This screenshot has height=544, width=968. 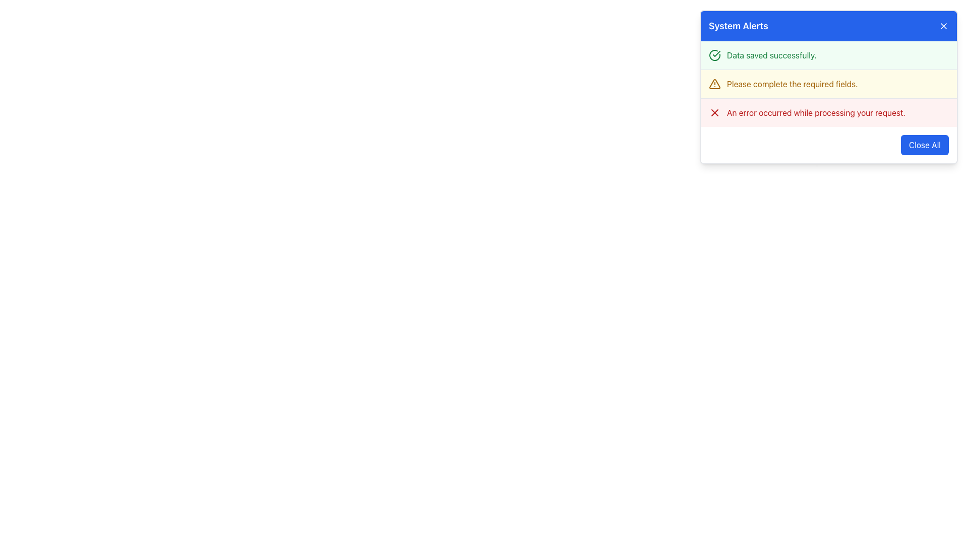 What do you see at coordinates (714, 83) in the screenshot?
I see `the triangle icon with an exclamation mark inside, which indicates an alert and is located to the left of the text 'Please complete the required fields.' in the second alert row of the 'System Alerts' panel` at bounding box center [714, 83].